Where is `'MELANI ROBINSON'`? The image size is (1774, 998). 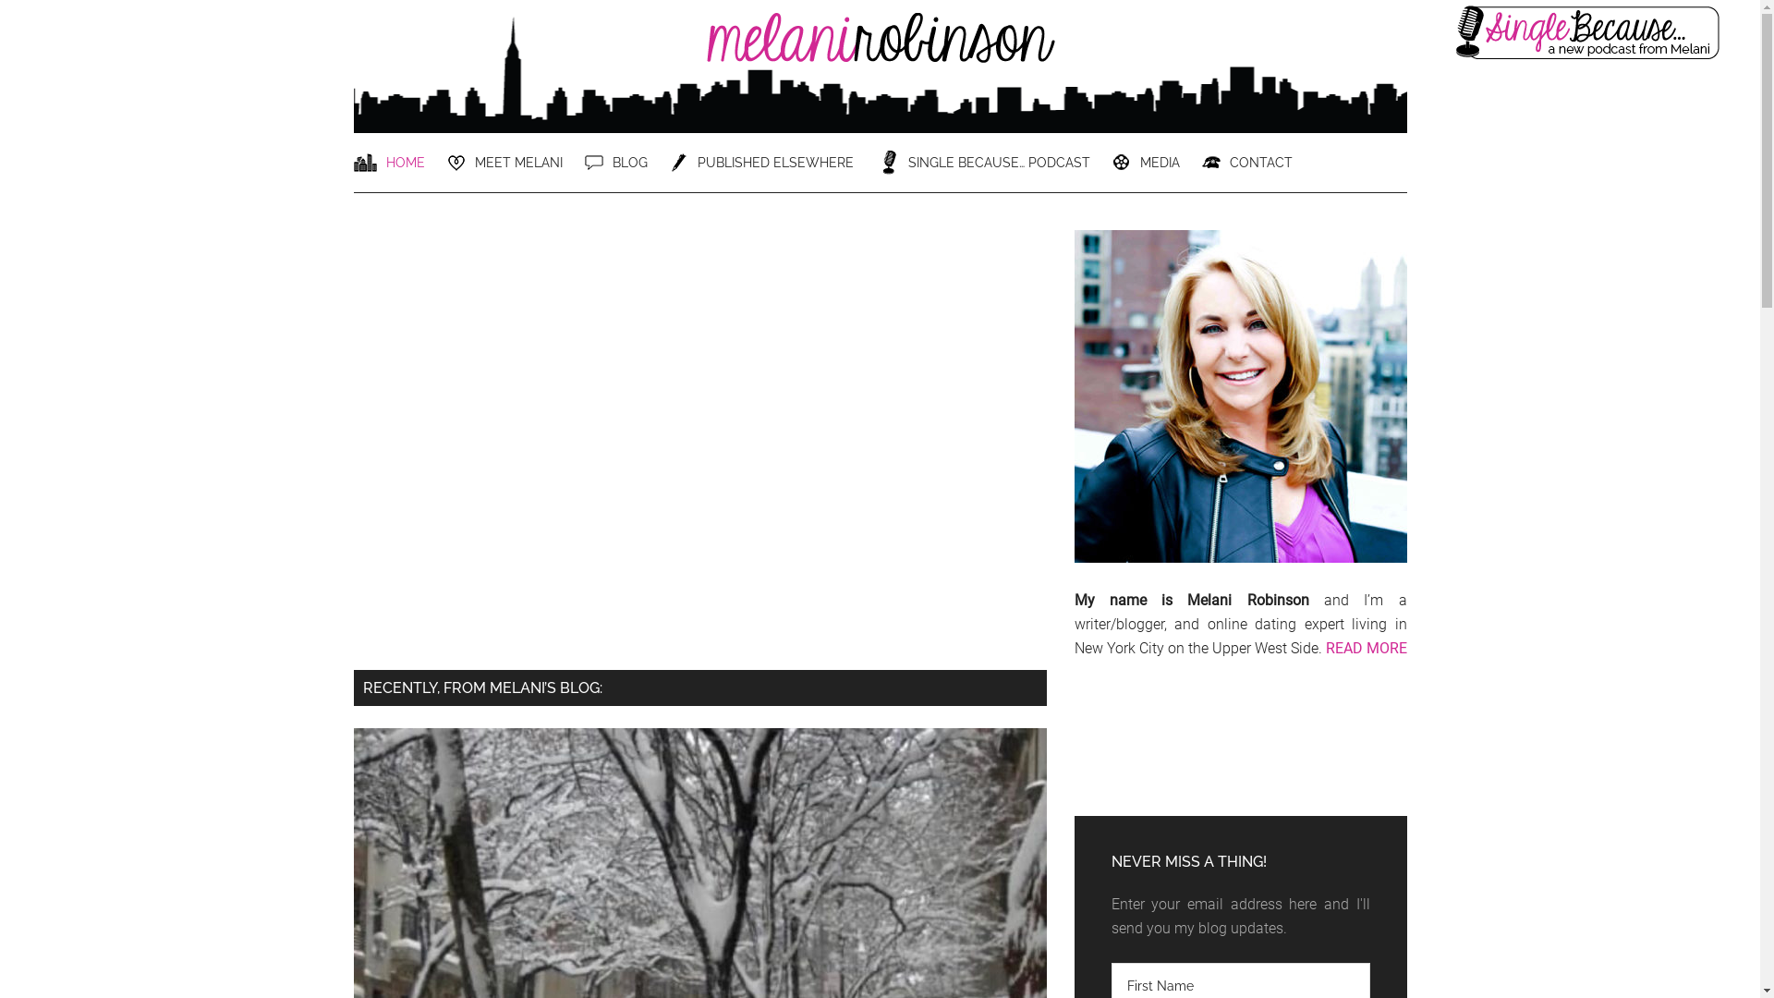 'MELANI ROBINSON' is located at coordinates (878, 53).